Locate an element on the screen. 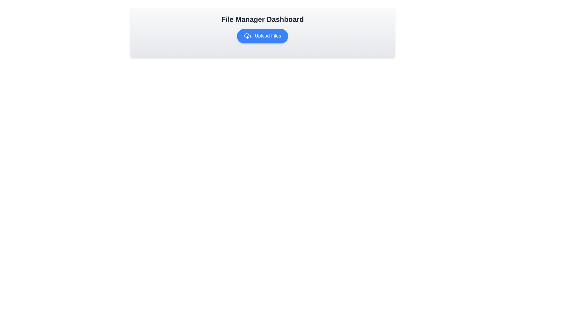  title text located at the top of the dashboard, which provides context and branding for the interface is located at coordinates (262, 19).